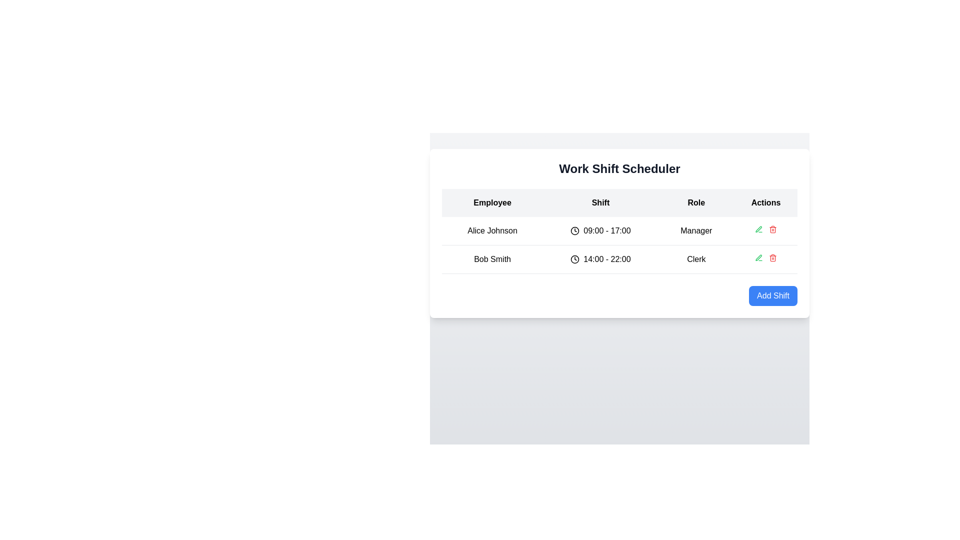 The width and height of the screenshot is (960, 540). I want to click on the shift details of the employee in the first row of the 'Work Shift Scheduler' table, which contains columns for 'Employee', 'Shift', 'Role', and 'Actions', so click(619, 245).